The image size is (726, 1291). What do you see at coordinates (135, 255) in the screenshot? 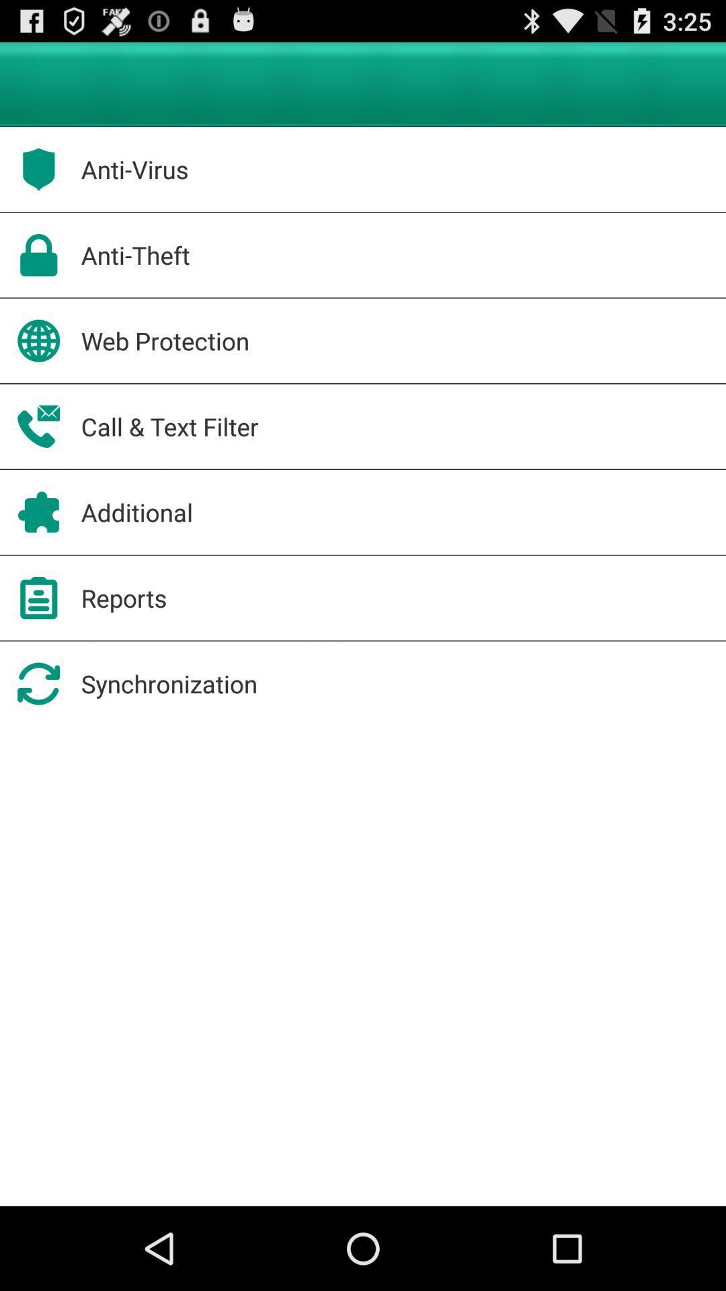
I see `anti-theft app` at bounding box center [135, 255].